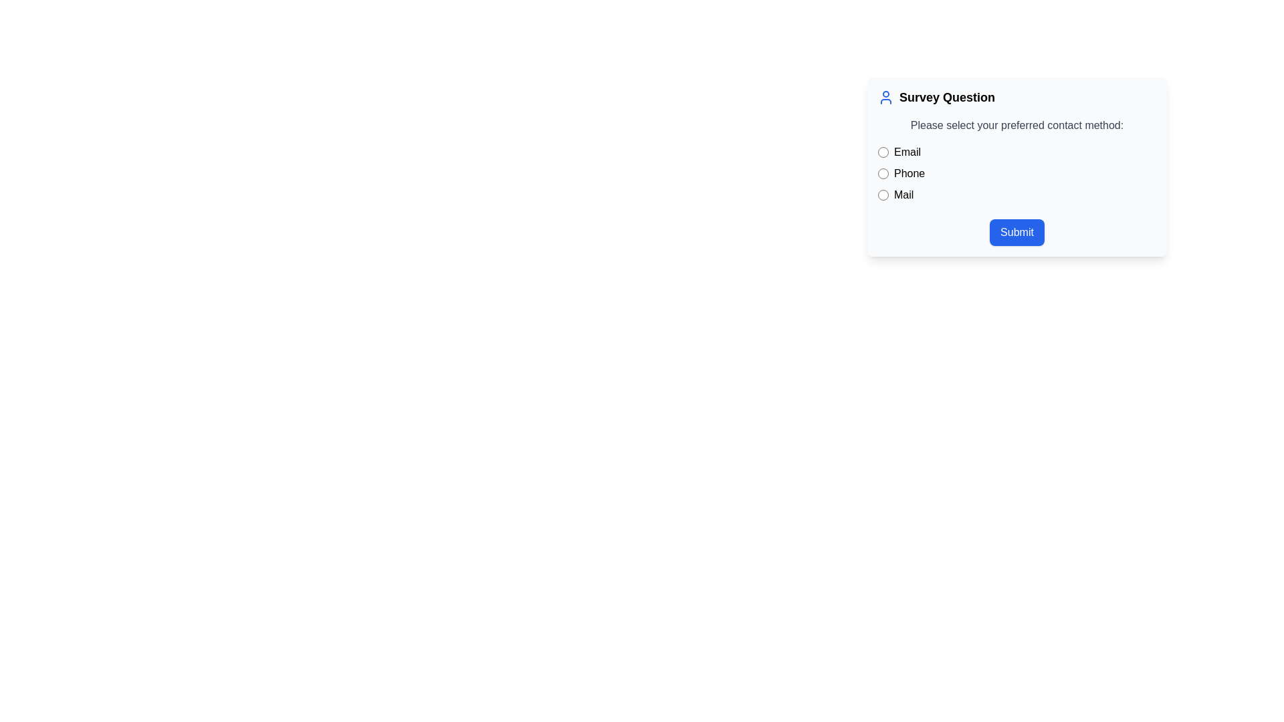 Image resolution: width=1284 pixels, height=722 pixels. I want to click on the blue-themed user profile icon, which features a circular head and semi-circular base outline, located to the left of the 'Survey Question' text, so click(885, 97).